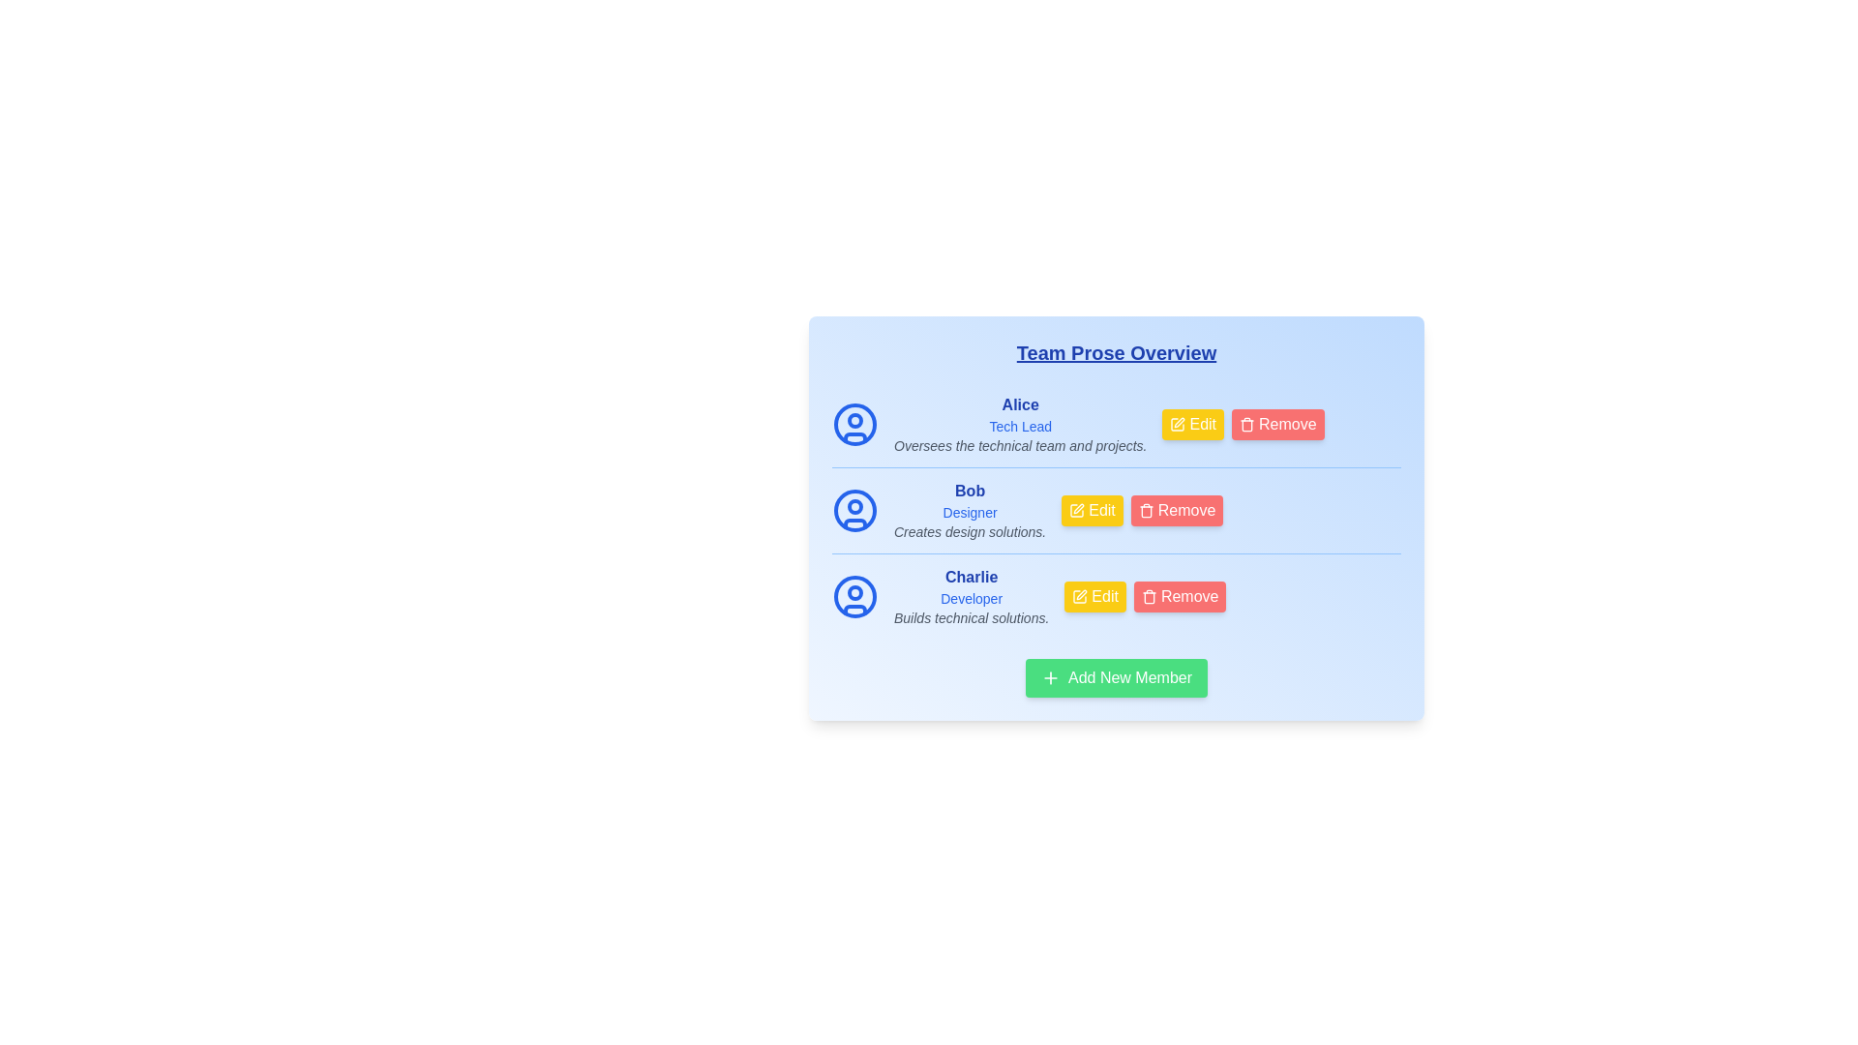 This screenshot has height=1045, width=1858. I want to click on the small red trash can icon representing the 'Remove' action located within the 'Remove' button, so click(1149, 596).